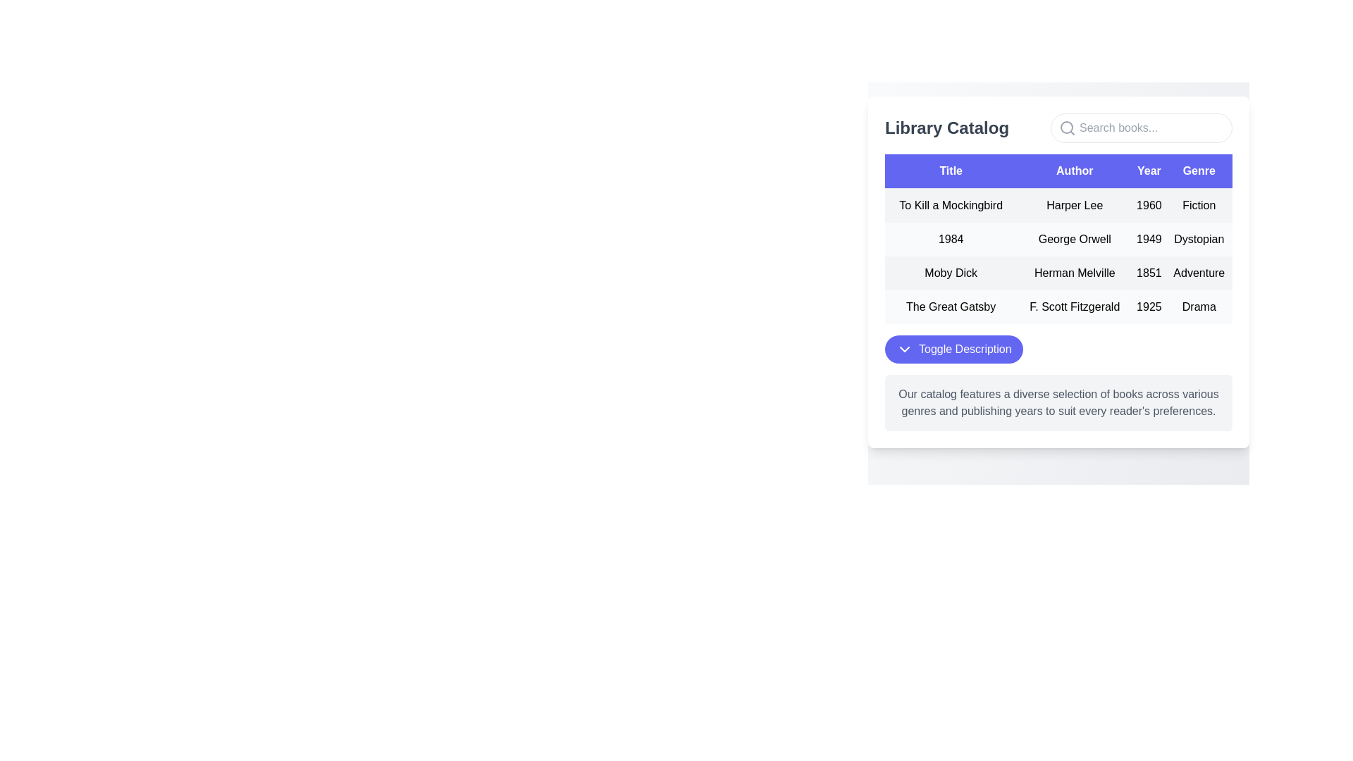 The width and height of the screenshot is (1353, 761). I want to click on the Data Table, which consists of a header with titles 'Title', 'Author', 'Year', and 'Genre', and is located within the 'Library Catalog' section, above the 'Toggle Description' button, so click(1058, 238).